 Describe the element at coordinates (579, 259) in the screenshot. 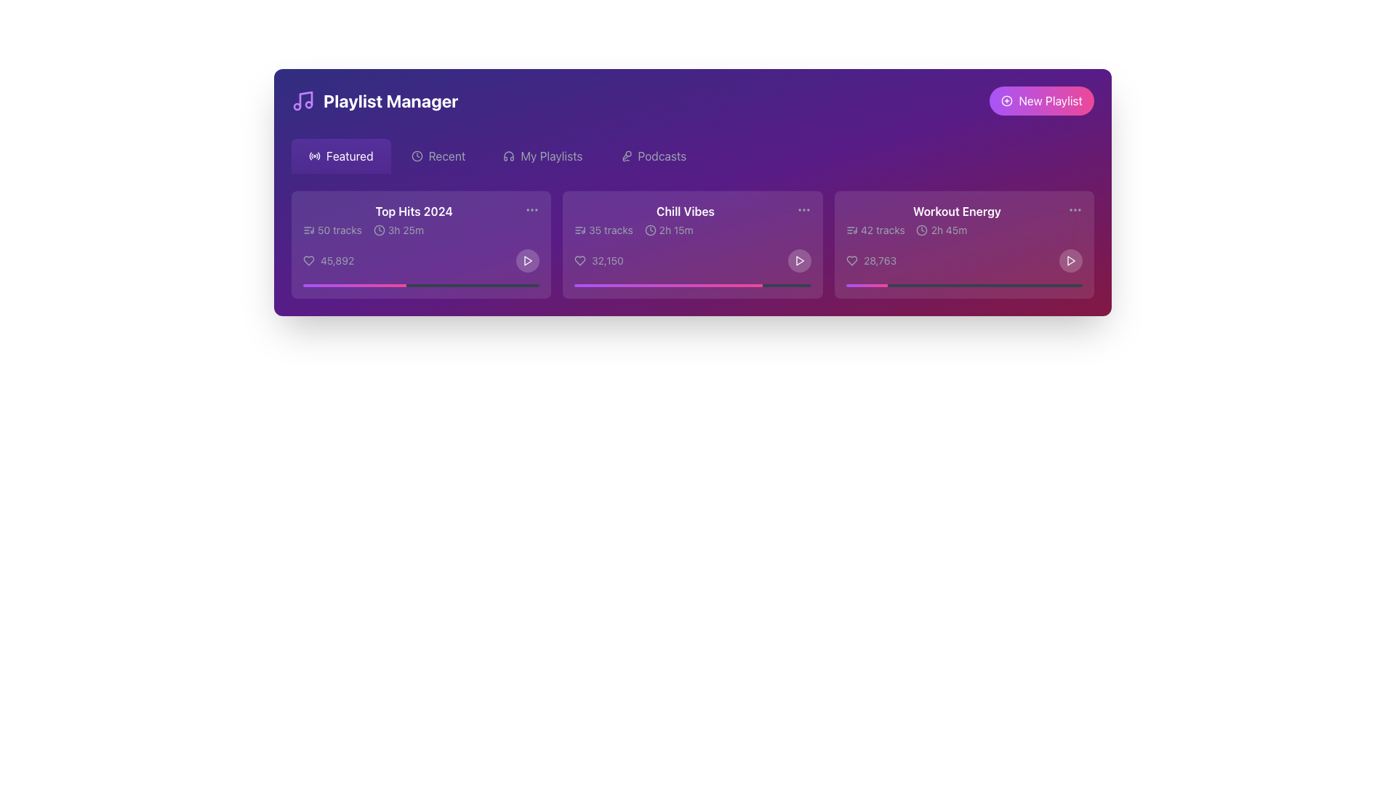

I see `the heart icon to favorite or unfavorite the 'Chill Vibes' playlist, which is located to the left of the numeric text '32,150'` at that location.